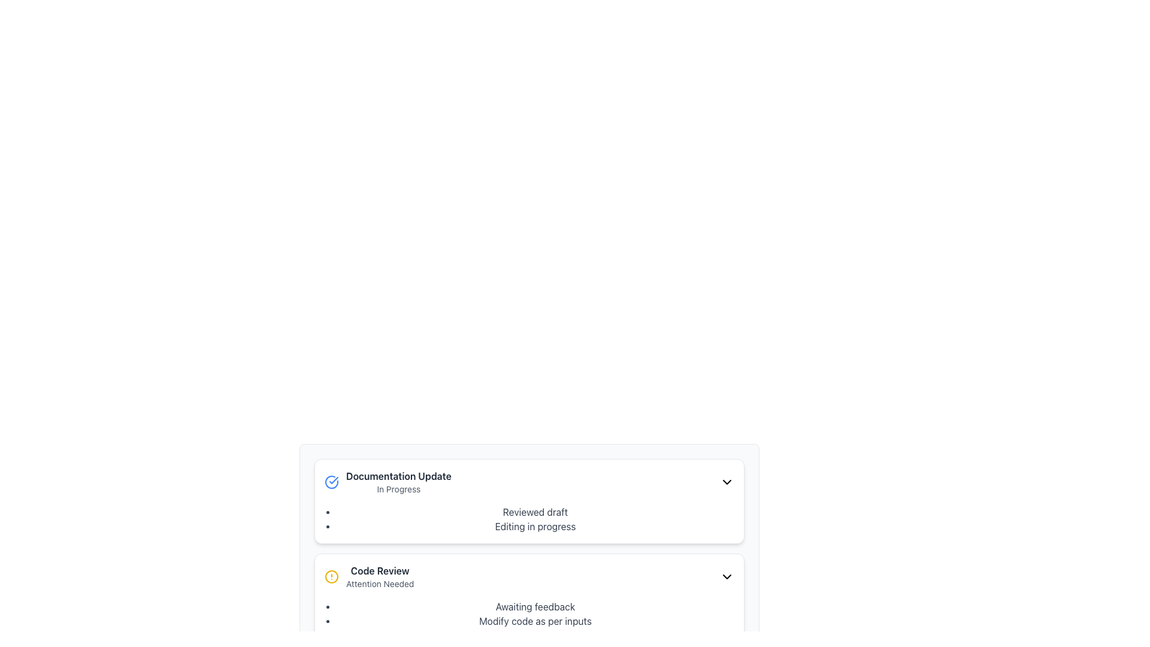 Image resolution: width=1150 pixels, height=647 pixels. What do you see at coordinates (398, 482) in the screenshot?
I see `the 'Documentation Update' text label, which displays two lines of text with the first line in bold dark gray and the second line in smaller light gray, located above the 'Code Review' element` at bounding box center [398, 482].